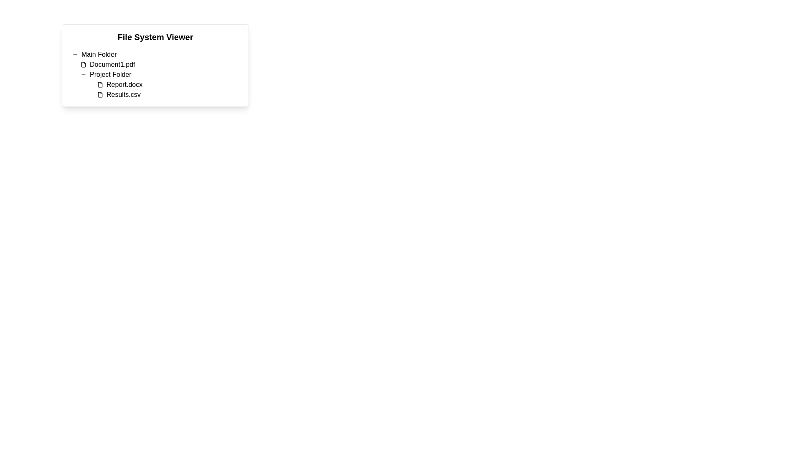 The width and height of the screenshot is (802, 451). Describe the element at coordinates (123, 94) in the screenshot. I see `the text label providing information about the file named 'Results.csv', which is the second item under 'Project Folder' in the file viewer interface` at that location.